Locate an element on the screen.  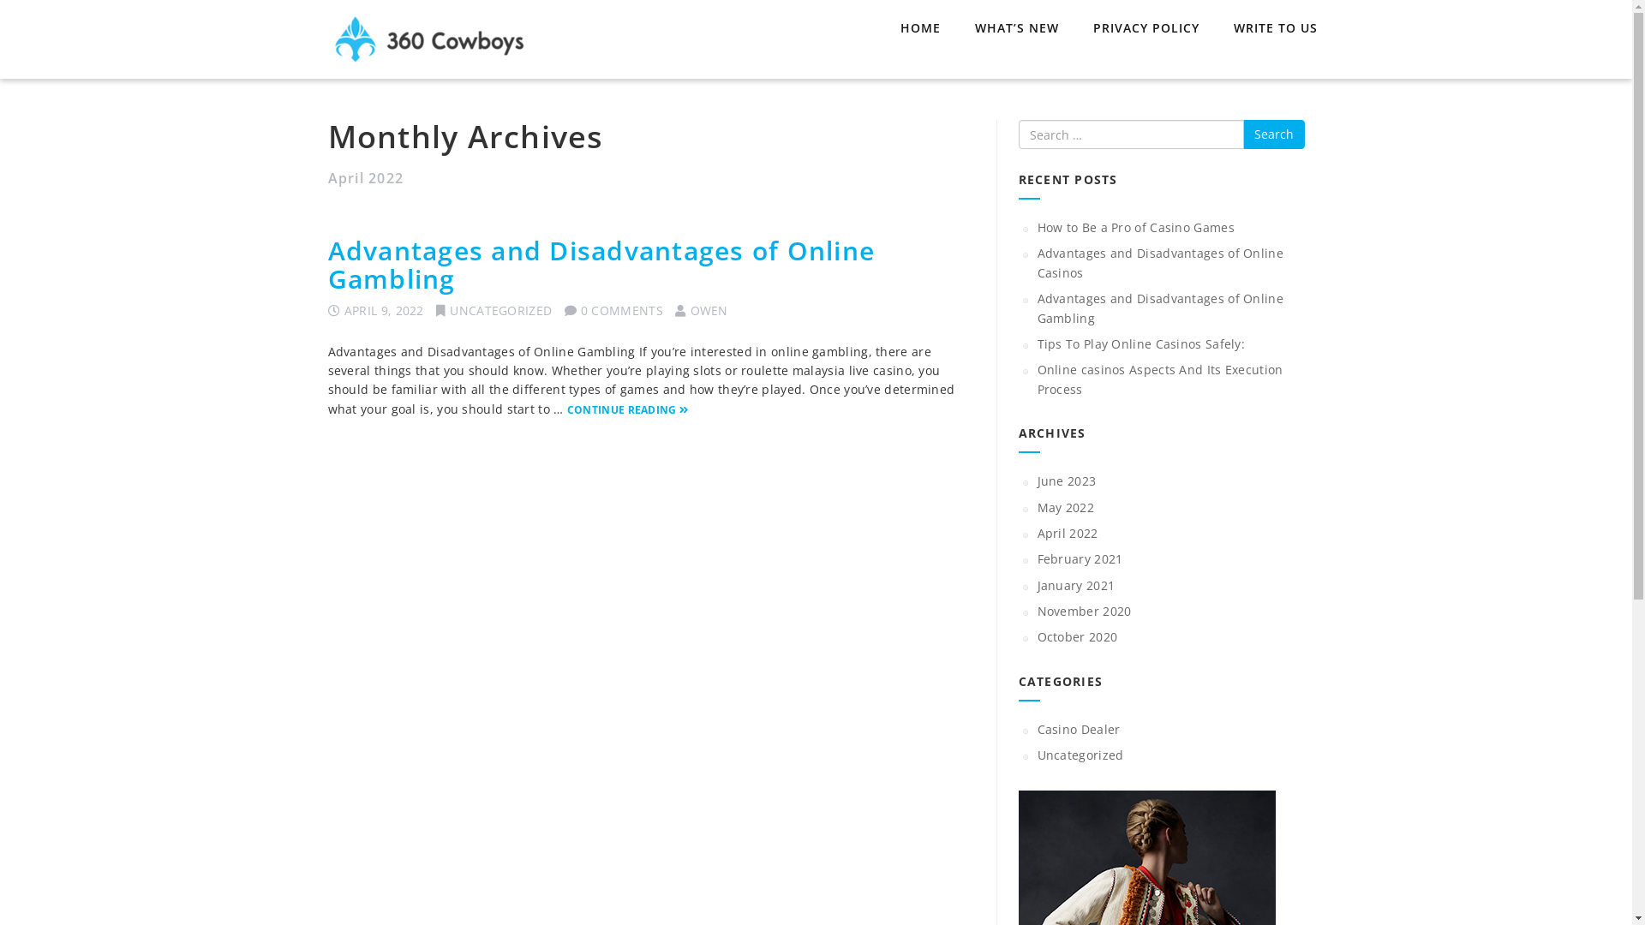
'October 2020' is located at coordinates (1076, 636).